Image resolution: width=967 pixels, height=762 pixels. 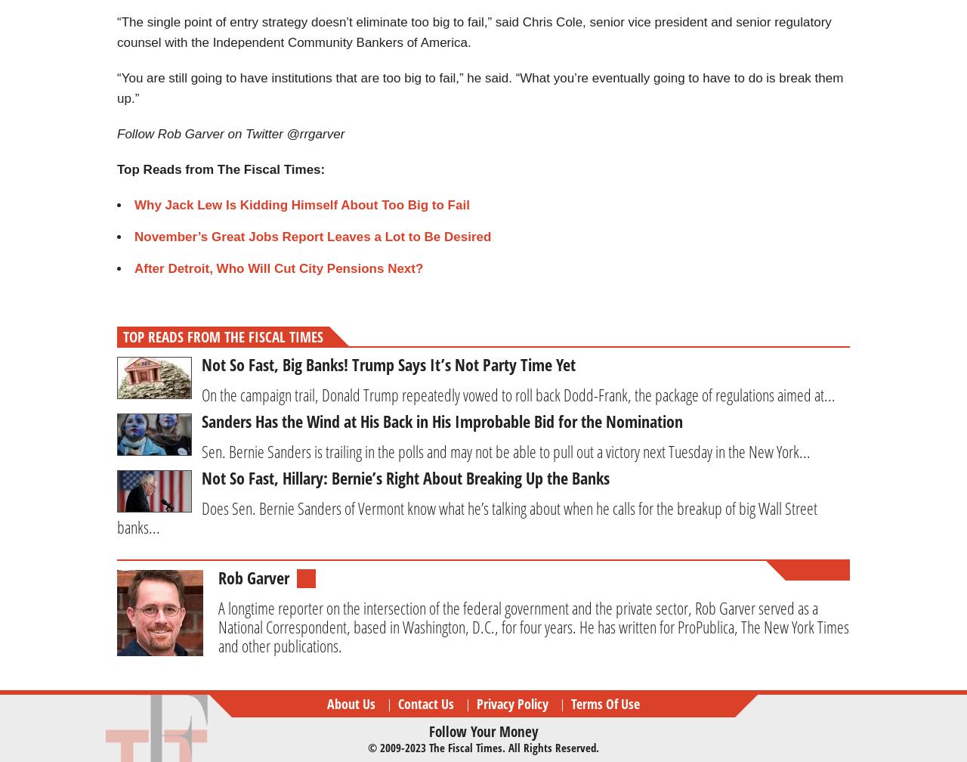 I want to click on 'Why Jack Lew Is Kidding Himself About Too Big to Fail', so click(x=301, y=205).